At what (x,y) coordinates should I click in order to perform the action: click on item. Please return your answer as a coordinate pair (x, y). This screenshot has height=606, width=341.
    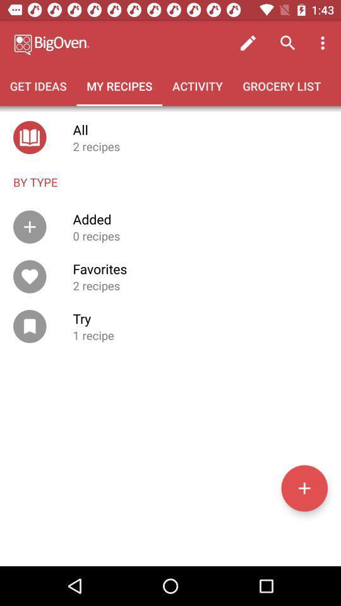
    Looking at the image, I should click on (304, 487).